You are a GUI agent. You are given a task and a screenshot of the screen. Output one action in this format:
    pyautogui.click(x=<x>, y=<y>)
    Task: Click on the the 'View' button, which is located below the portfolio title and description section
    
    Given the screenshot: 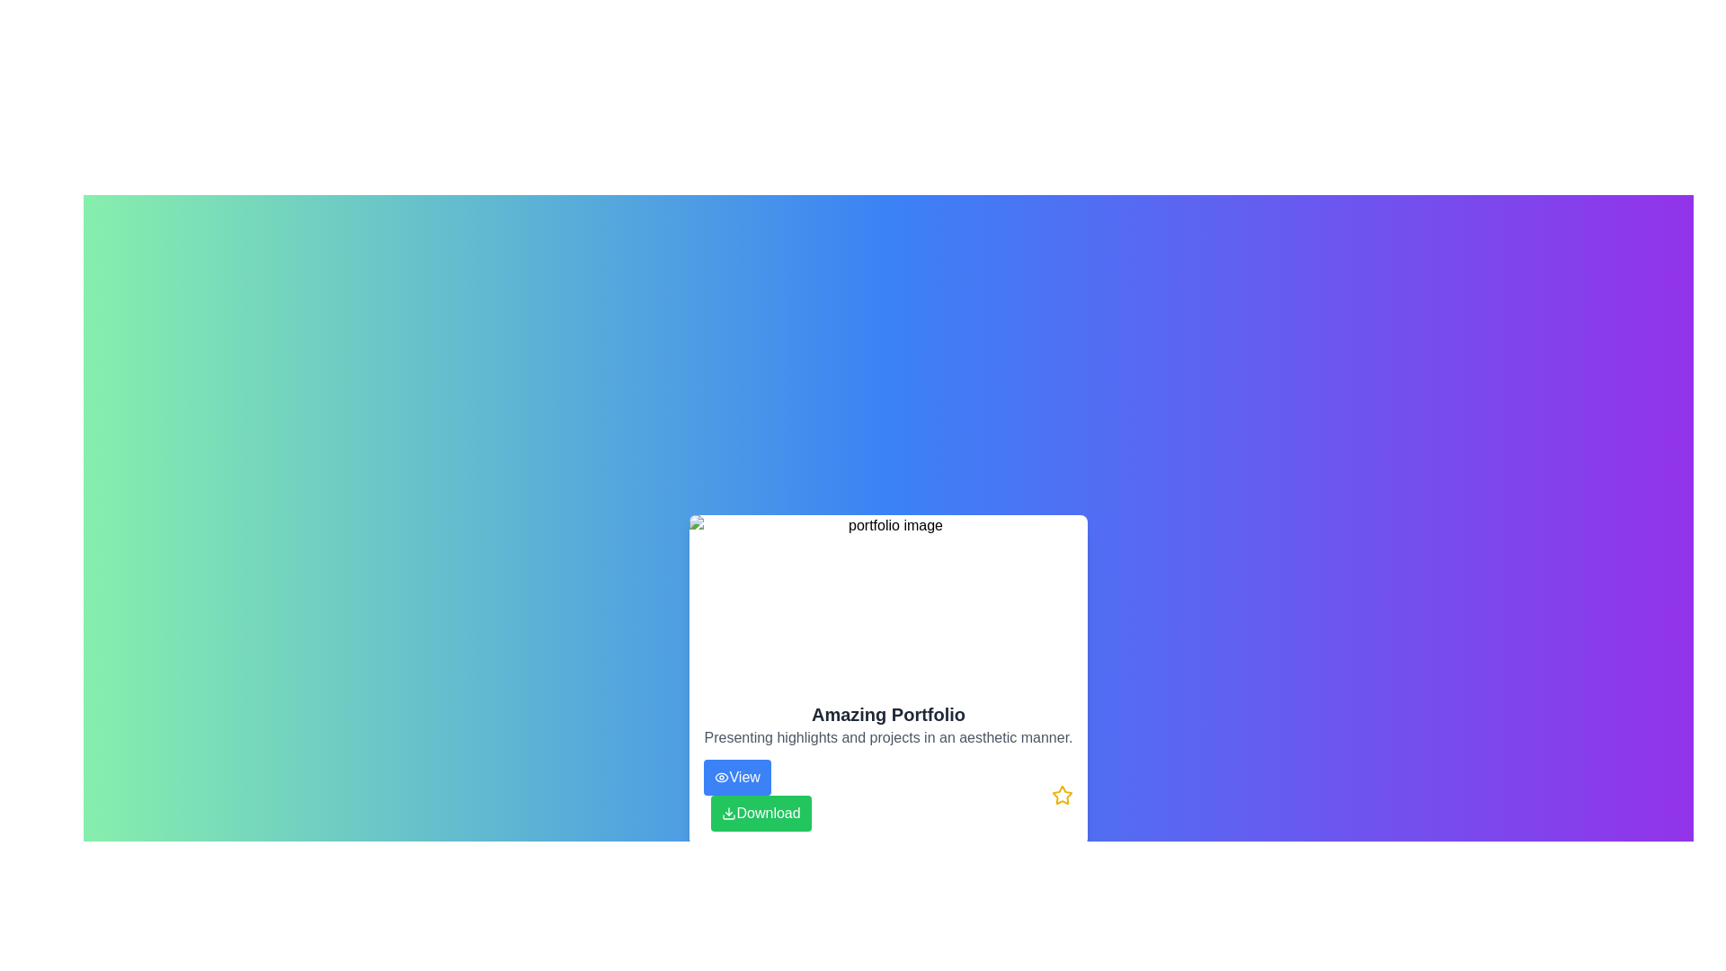 What is the action you would take?
    pyautogui.click(x=722, y=776)
    